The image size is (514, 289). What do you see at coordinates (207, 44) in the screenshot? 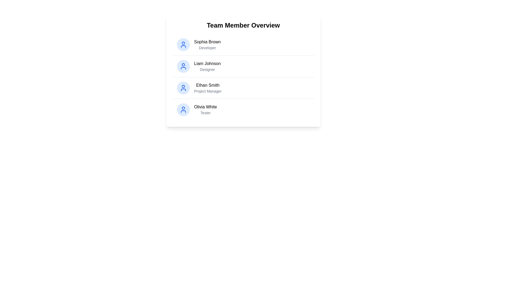
I see `the information of the first team member entry, displaying their name and role, located directly to the right of the first circular user icon in the 'Team Member Overview' section` at bounding box center [207, 44].